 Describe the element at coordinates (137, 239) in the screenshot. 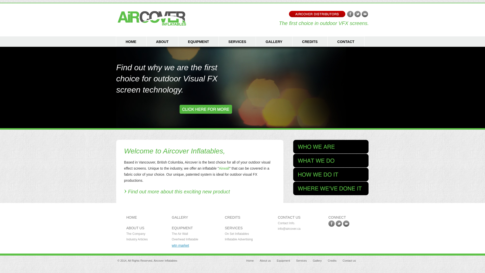

I see `'Industry Articles'` at that location.